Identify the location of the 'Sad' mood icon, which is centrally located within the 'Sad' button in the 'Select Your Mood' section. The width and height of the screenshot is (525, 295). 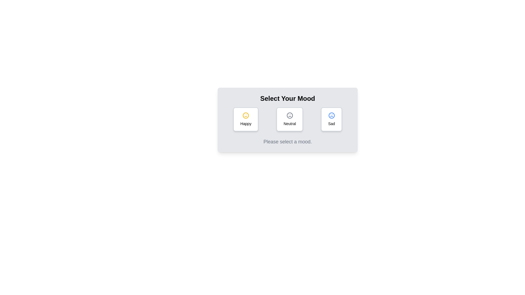
(331, 115).